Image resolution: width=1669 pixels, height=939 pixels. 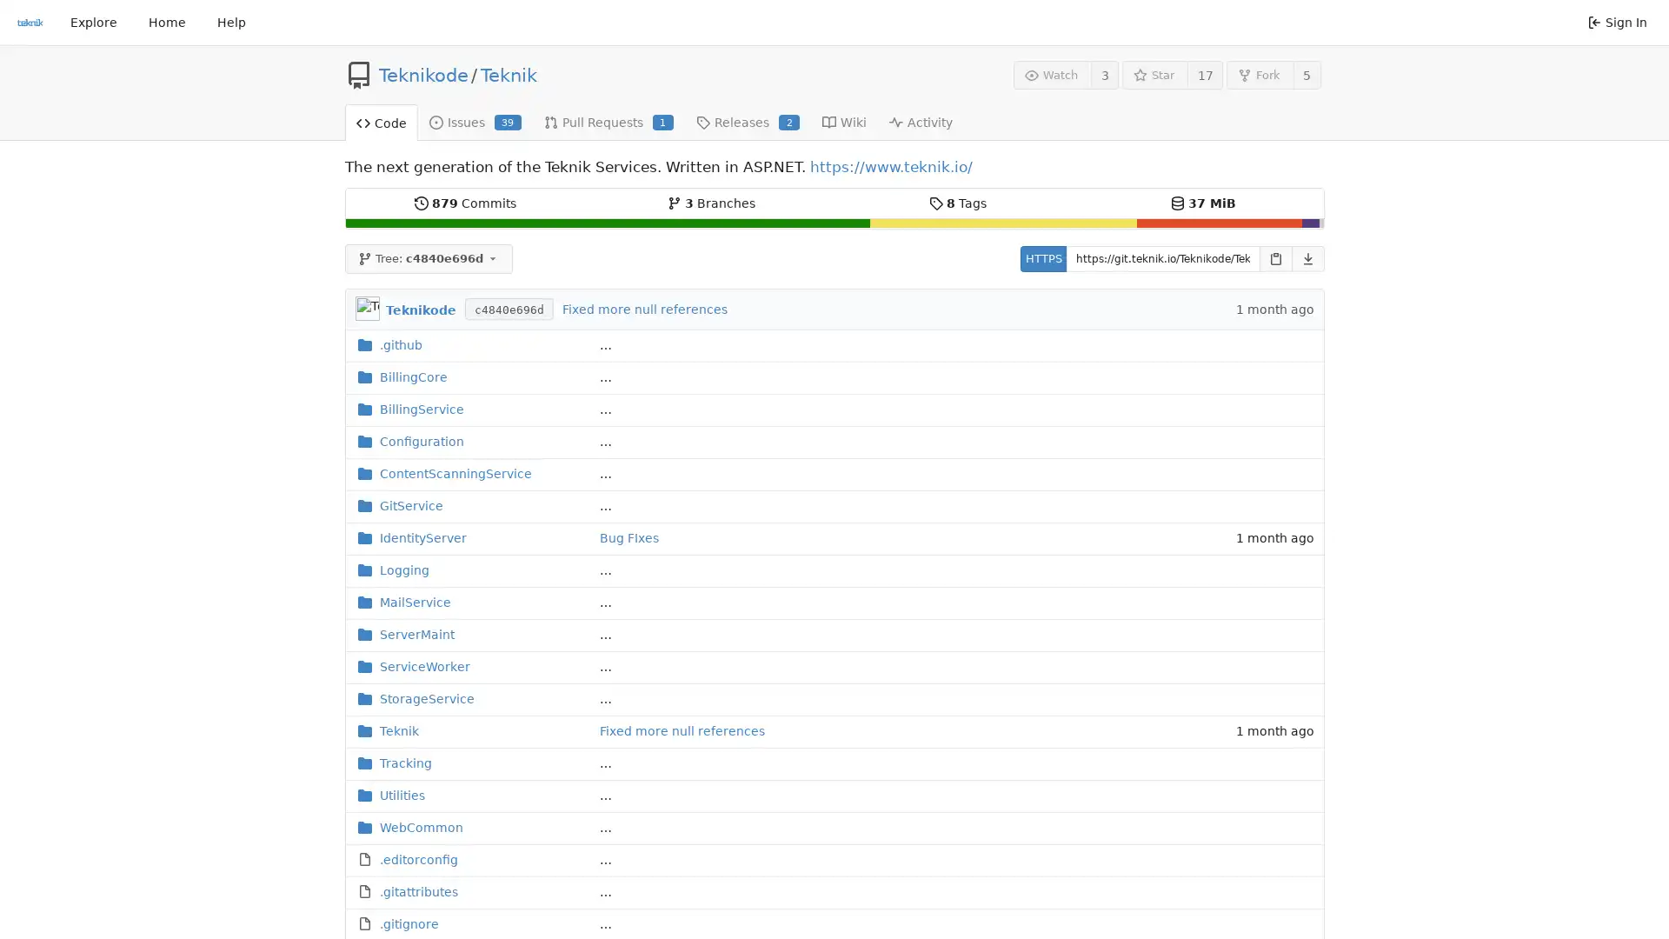 What do you see at coordinates (1051, 74) in the screenshot?
I see `Watch` at bounding box center [1051, 74].